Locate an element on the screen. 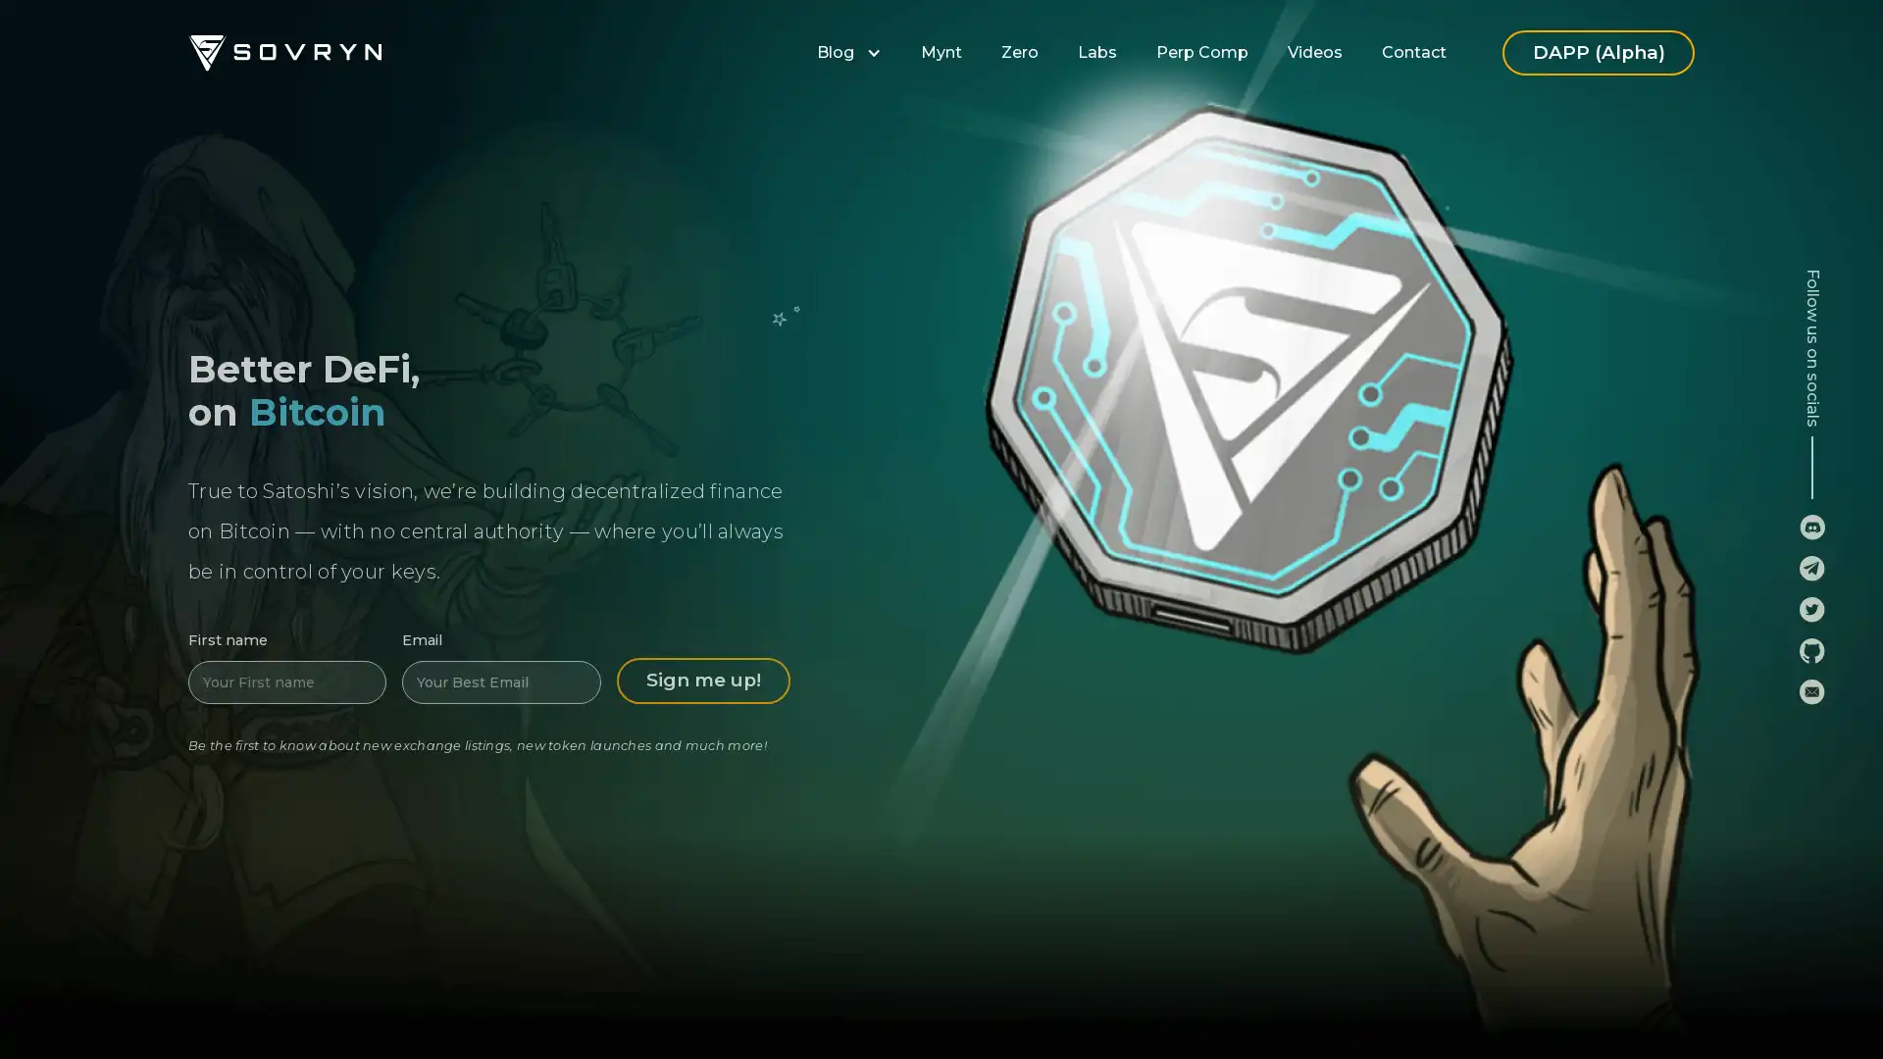  Sign me up! is located at coordinates (702, 656).